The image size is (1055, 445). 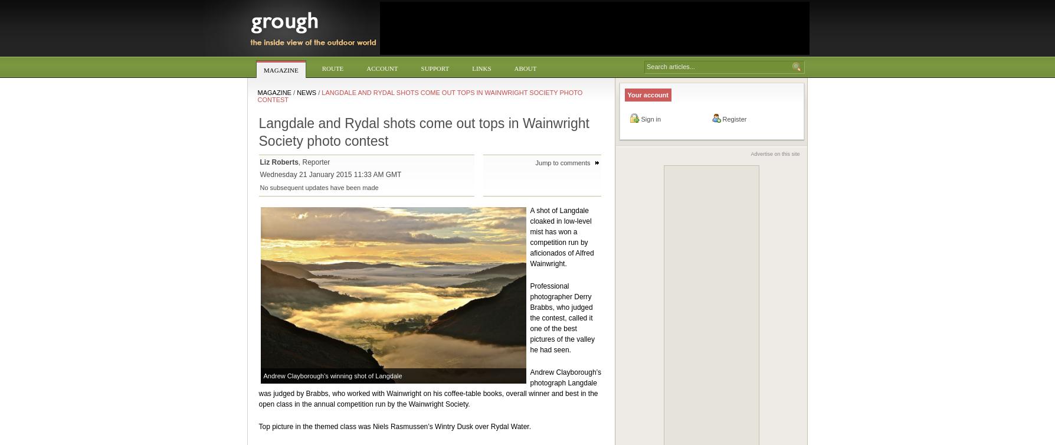 What do you see at coordinates (382, 68) in the screenshot?
I see `'Account'` at bounding box center [382, 68].